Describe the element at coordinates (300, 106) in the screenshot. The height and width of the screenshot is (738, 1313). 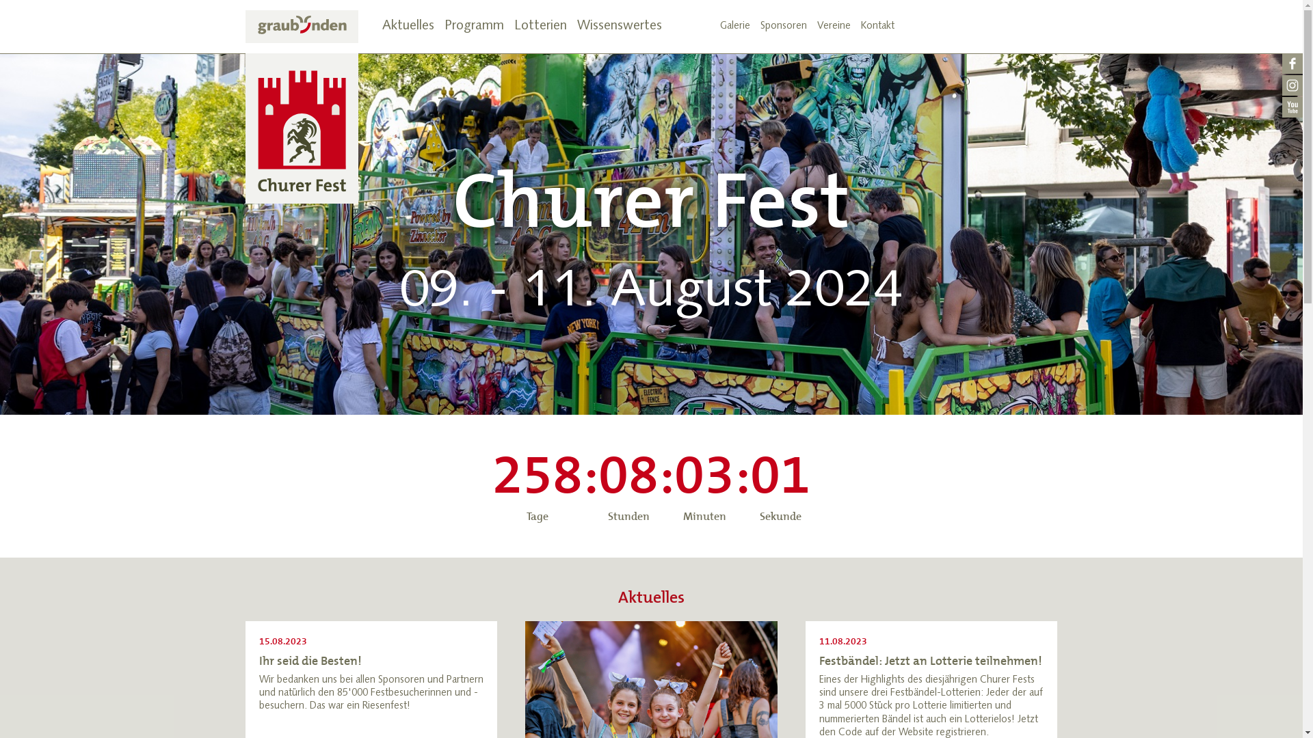
I see `'Startseite'` at that location.